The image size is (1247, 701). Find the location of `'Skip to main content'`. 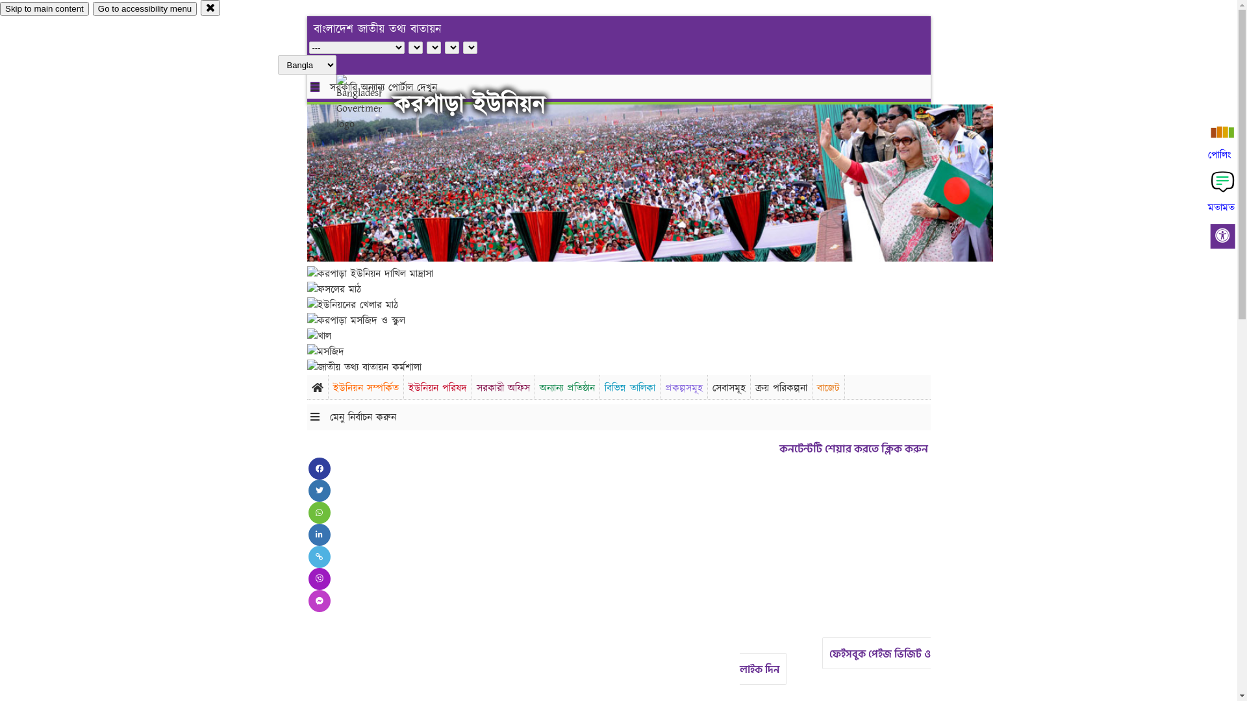

'Skip to main content' is located at coordinates (44, 8).